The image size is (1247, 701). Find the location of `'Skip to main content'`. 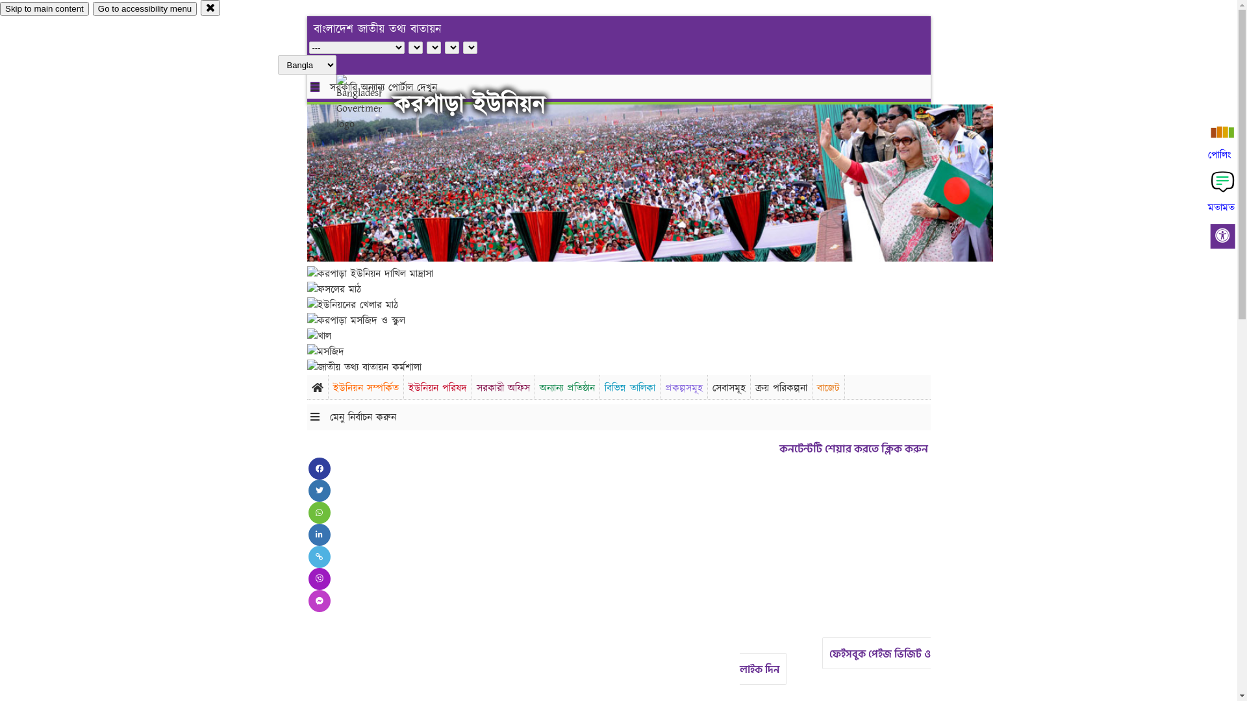

'Skip to main content' is located at coordinates (44, 8).